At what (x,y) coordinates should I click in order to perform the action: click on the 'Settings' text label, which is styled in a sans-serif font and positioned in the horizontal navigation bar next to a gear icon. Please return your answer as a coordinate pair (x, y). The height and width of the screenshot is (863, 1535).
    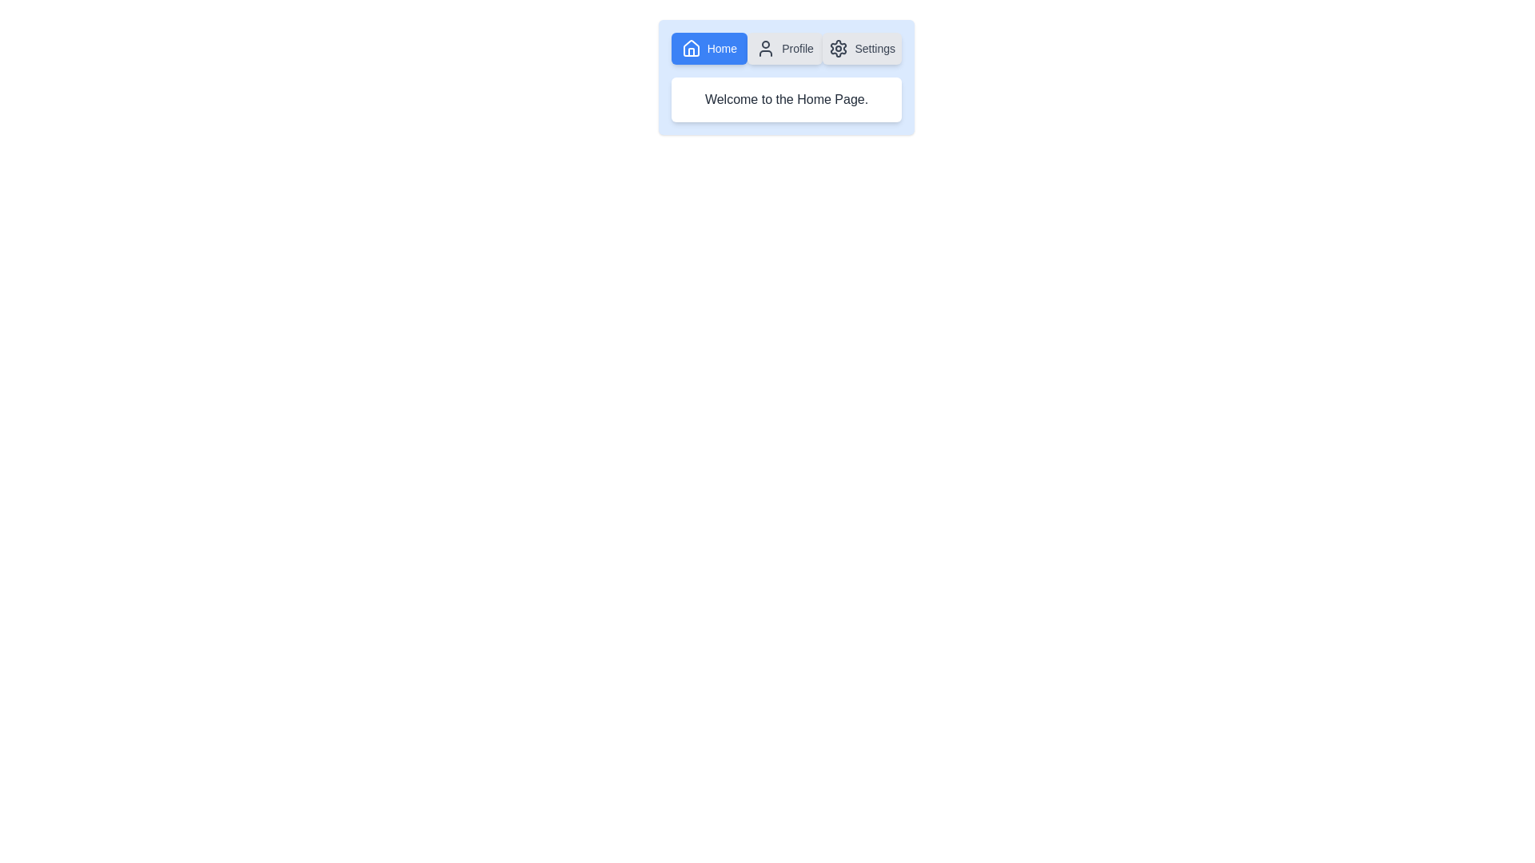
    Looking at the image, I should click on (874, 48).